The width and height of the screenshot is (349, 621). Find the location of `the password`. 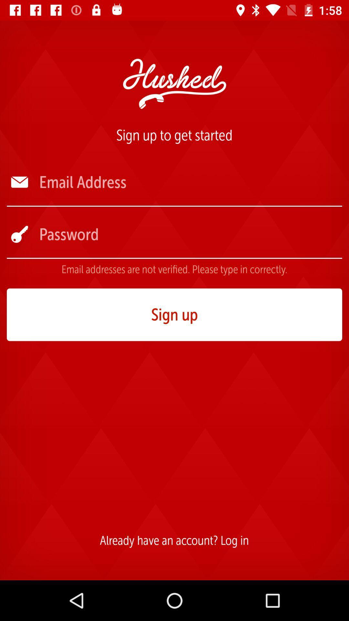

the password is located at coordinates (190, 234).